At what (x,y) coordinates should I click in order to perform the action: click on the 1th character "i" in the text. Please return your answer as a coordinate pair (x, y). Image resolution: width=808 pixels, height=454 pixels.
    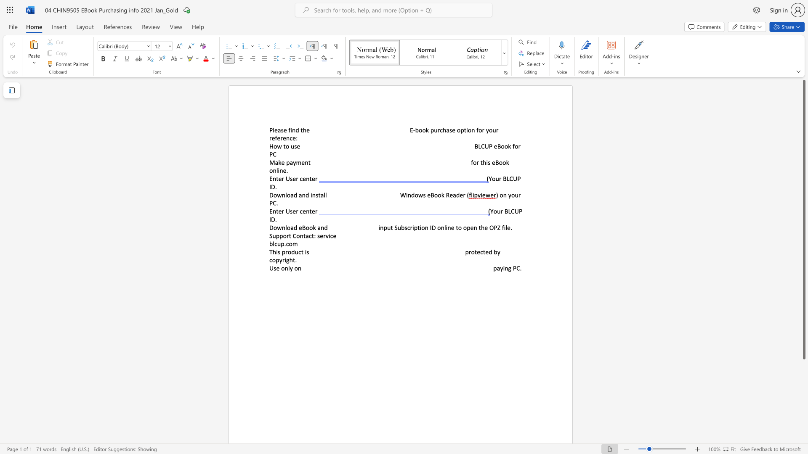
    Looking at the image, I should click on (504, 268).